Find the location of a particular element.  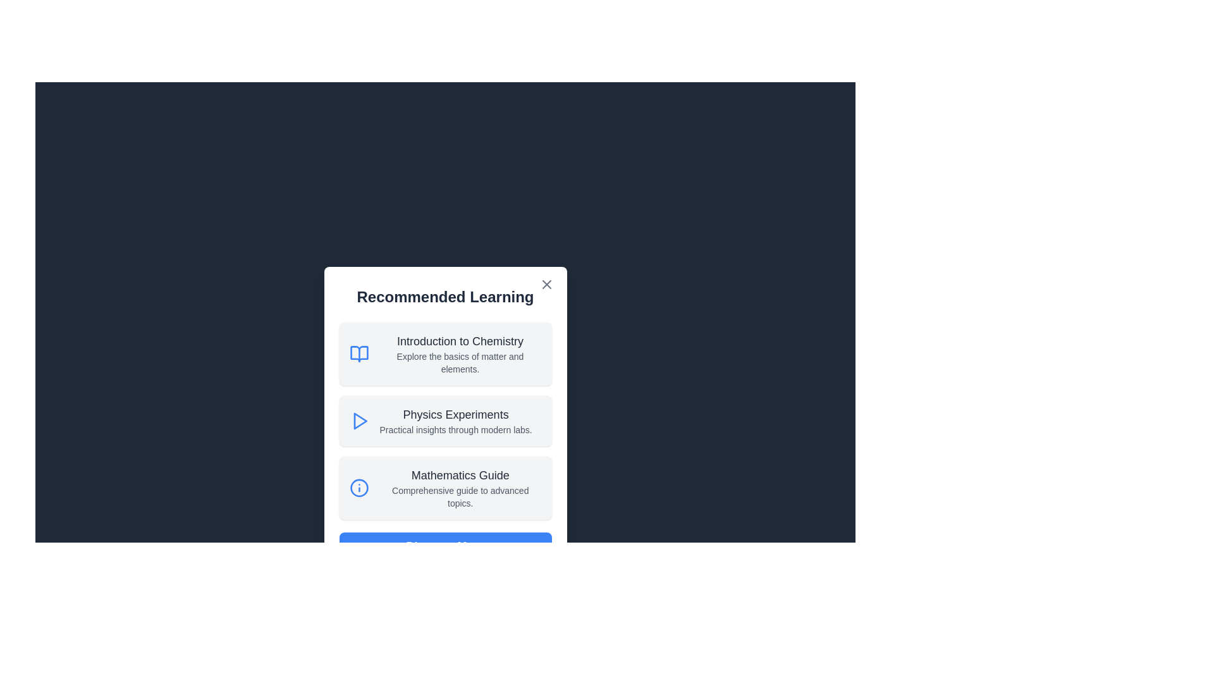

the static text element displaying 'Practical insights through modern labs.' which is located within the 'Recommended Learning' card and positioned below the heading 'Physics Experiments' is located at coordinates (455, 429).